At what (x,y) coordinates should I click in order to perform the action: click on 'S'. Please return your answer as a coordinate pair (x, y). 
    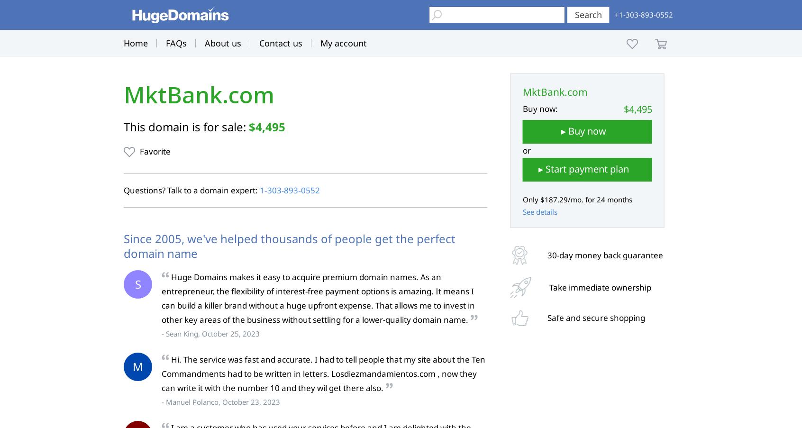
    Looking at the image, I should click on (137, 284).